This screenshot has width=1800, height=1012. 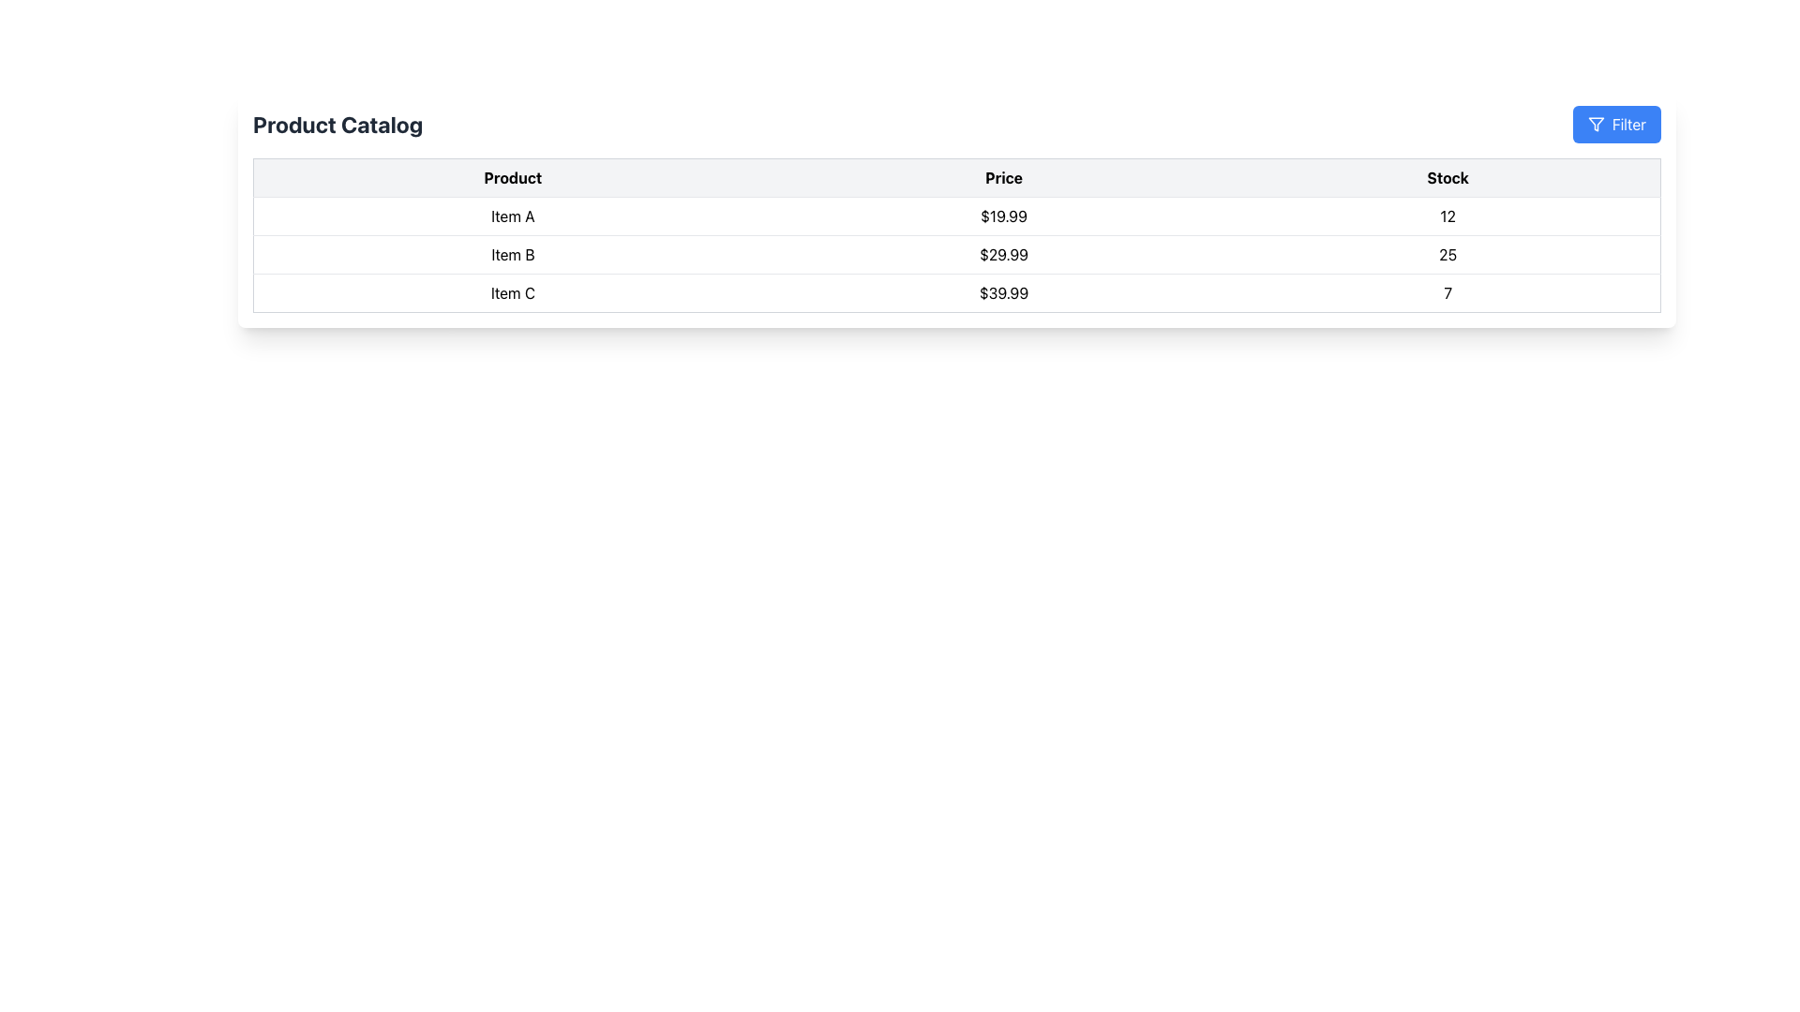 What do you see at coordinates (513, 216) in the screenshot?
I see `the text label displaying 'Item A' in the first row under the 'Product' column of the tabular structure` at bounding box center [513, 216].